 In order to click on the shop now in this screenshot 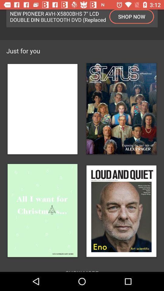, I will do `click(131, 16)`.